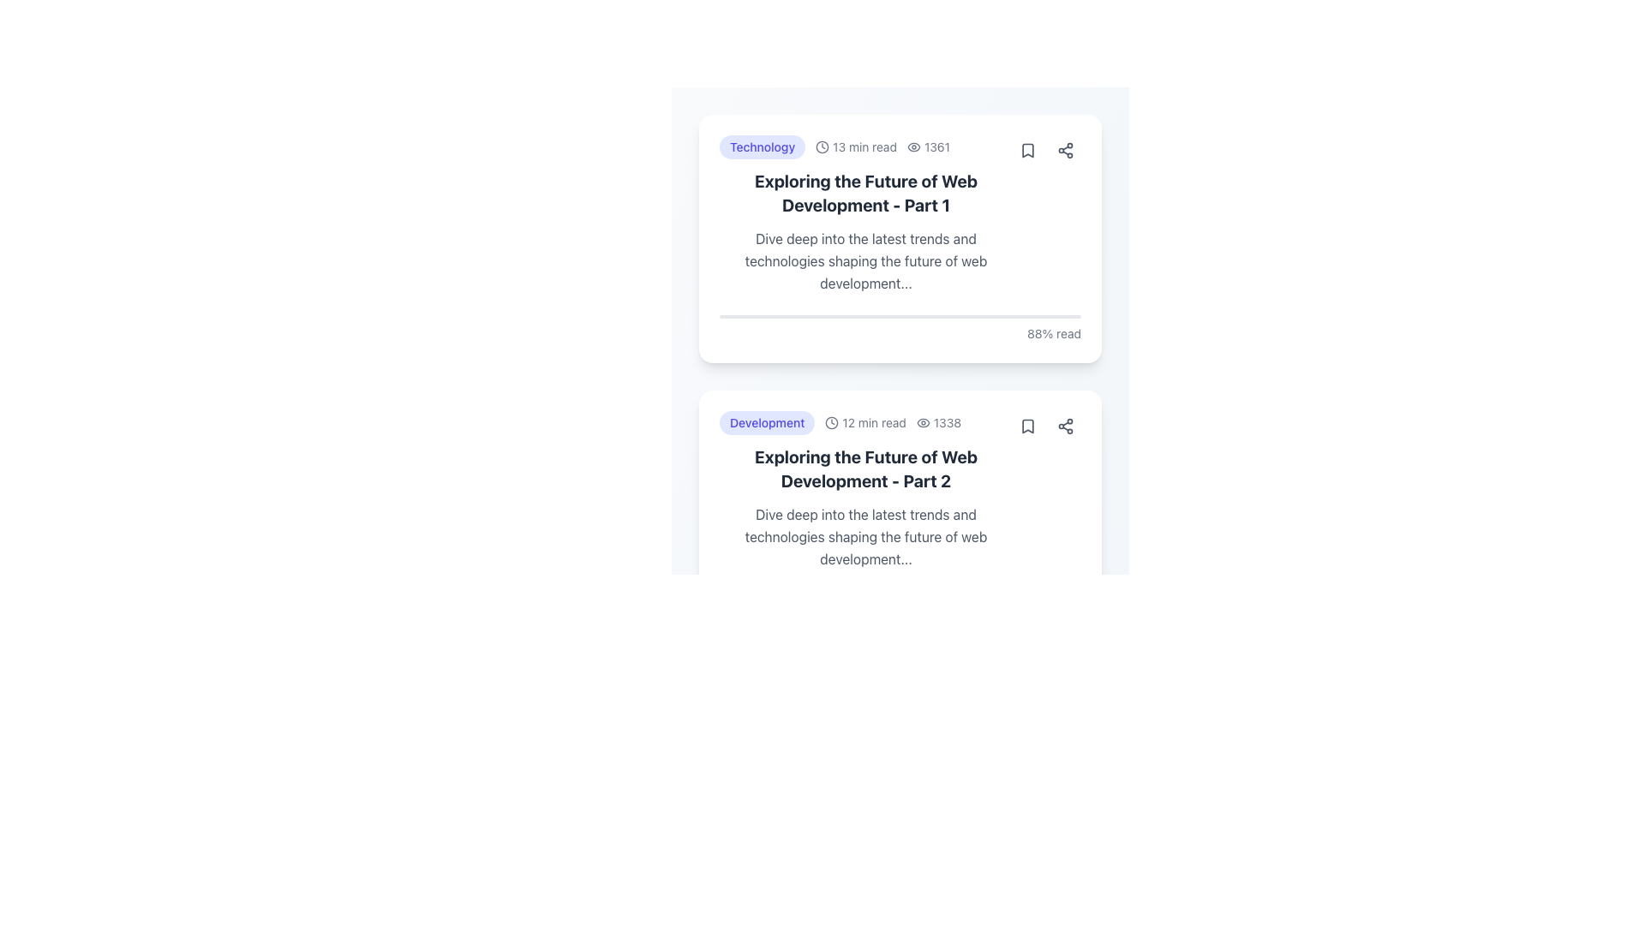  Describe the element at coordinates (832, 422) in the screenshot. I see `circular clock icon located in the second card after the 'Development' label and before the '12 min read' text` at that location.